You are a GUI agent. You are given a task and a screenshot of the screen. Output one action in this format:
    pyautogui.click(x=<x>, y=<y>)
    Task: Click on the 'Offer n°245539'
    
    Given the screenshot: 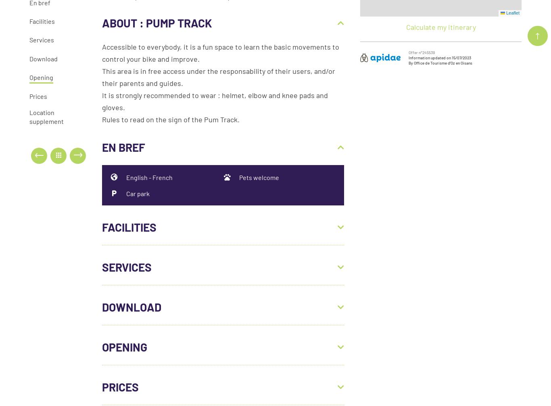 What is the action you would take?
    pyautogui.click(x=421, y=52)
    